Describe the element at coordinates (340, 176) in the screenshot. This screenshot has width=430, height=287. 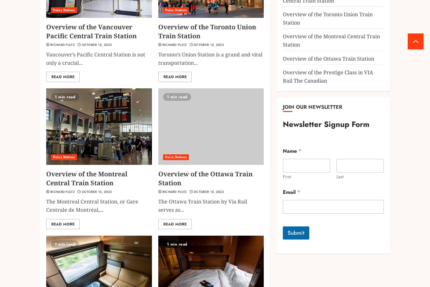
I see `'Last'` at that location.